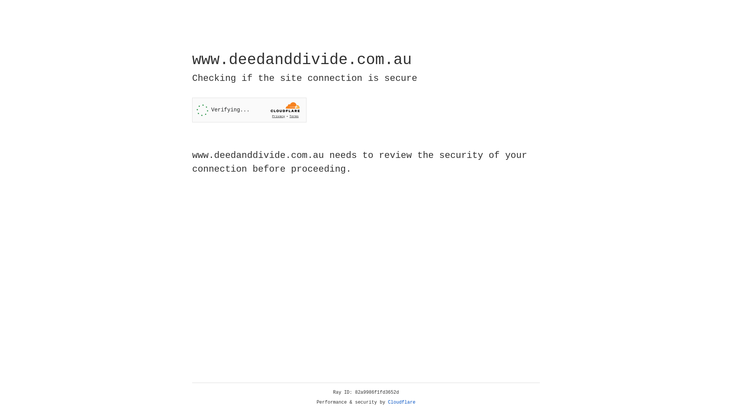 The height and width of the screenshot is (412, 732). Describe the element at coordinates (388, 402) in the screenshot. I see `'Cloudflare'` at that location.